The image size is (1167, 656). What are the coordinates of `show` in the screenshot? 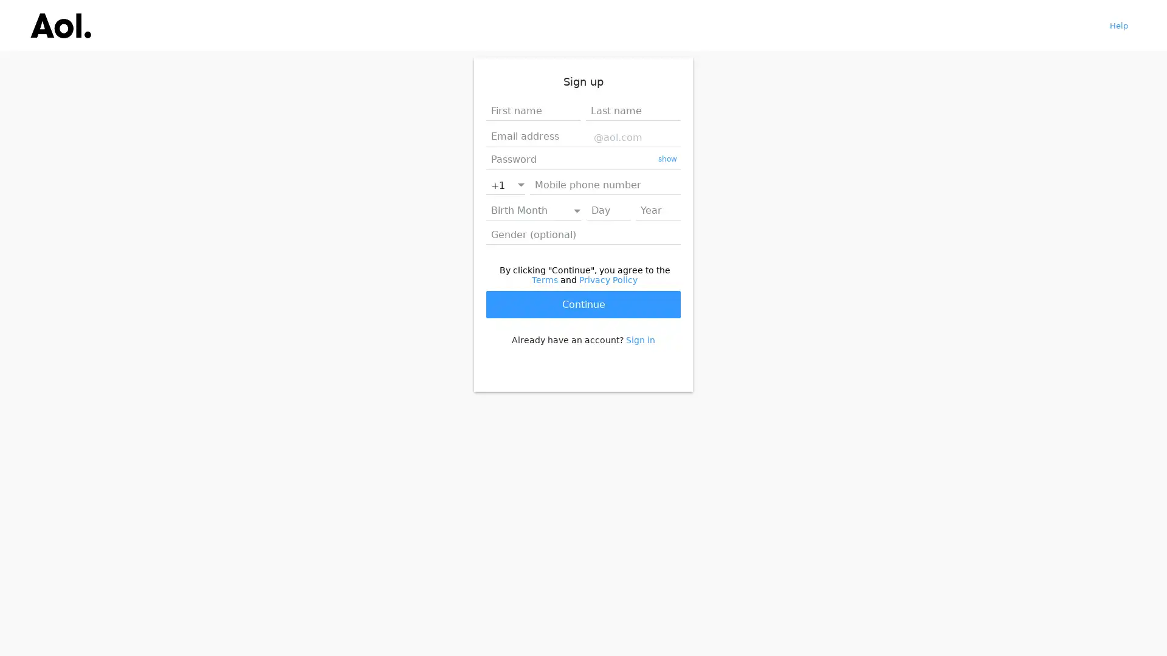 It's located at (667, 159).